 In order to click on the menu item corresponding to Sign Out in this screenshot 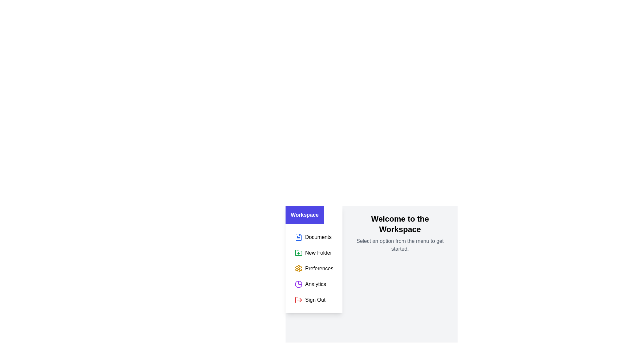, I will do `click(314, 300)`.